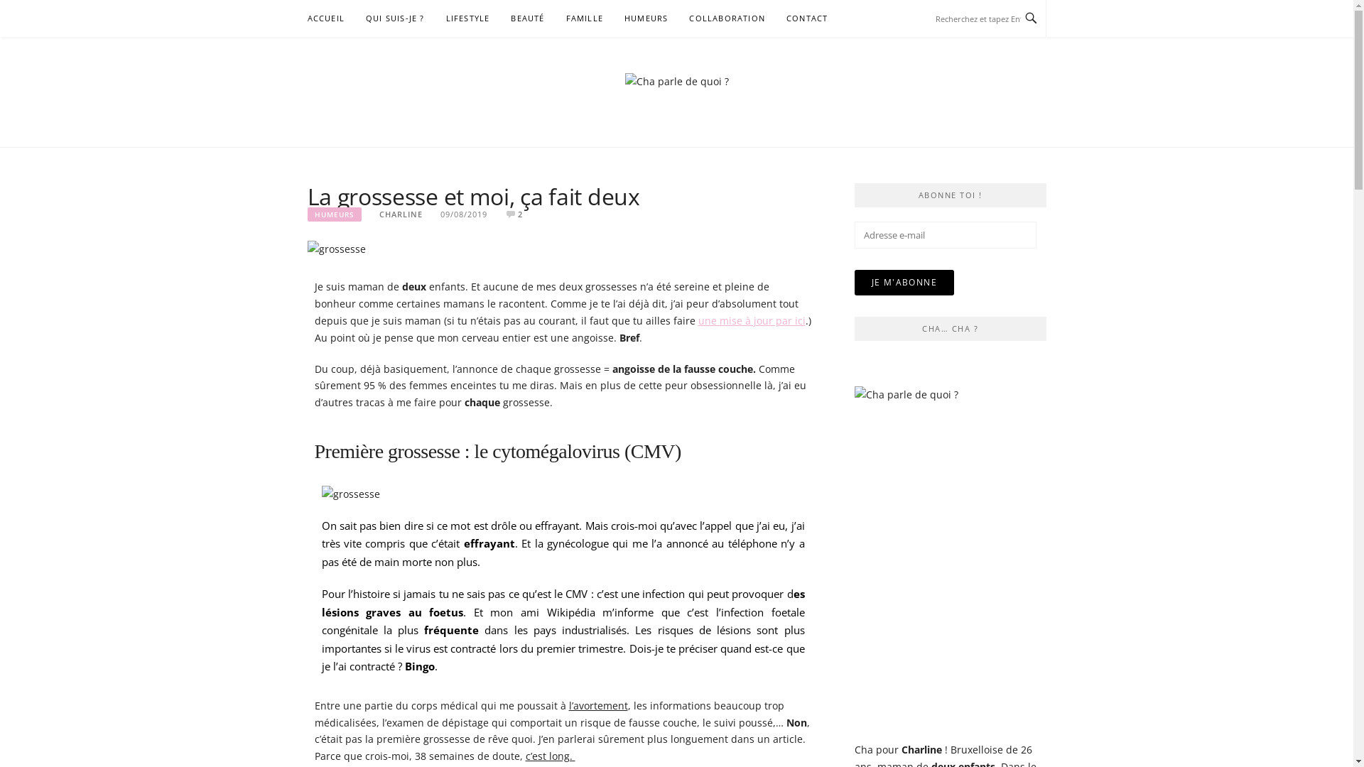 This screenshot has width=1364, height=767. What do you see at coordinates (727, 18) in the screenshot?
I see `'COLLABORATION'` at bounding box center [727, 18].